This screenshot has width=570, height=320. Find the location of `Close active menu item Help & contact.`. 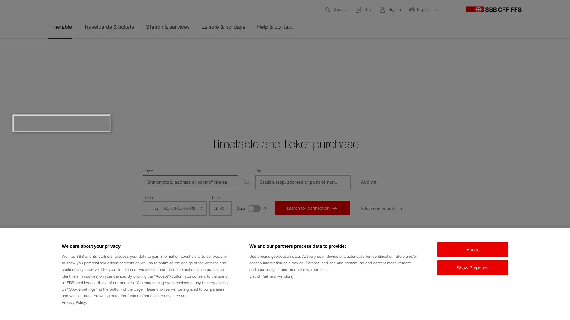

Close active menu item Help & contact. is located at coordinates (528, 52).